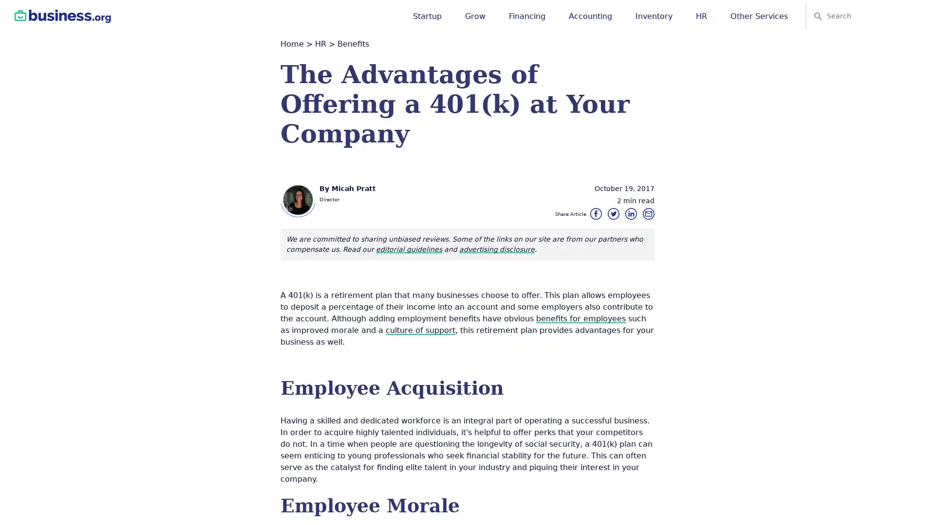  Describe the element at coordinates (613, 213) in the screenshot. I see `Social Twitter O Dark` at that location.